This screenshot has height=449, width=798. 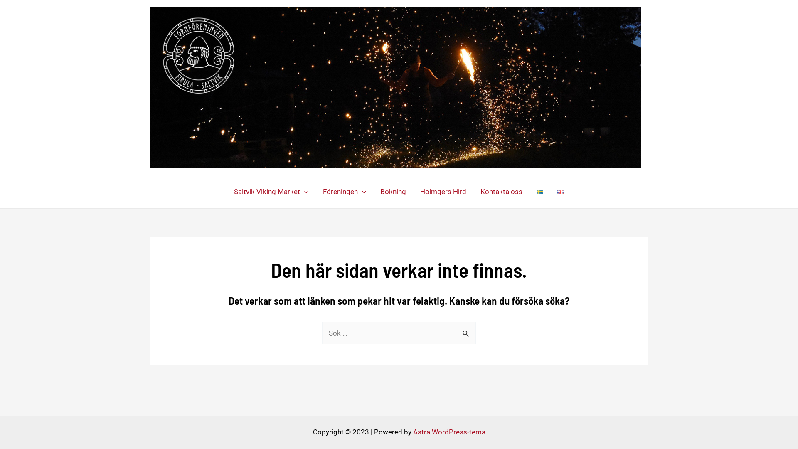 I want to click on 'Holmgers Hird', so click(x=413, y=192).